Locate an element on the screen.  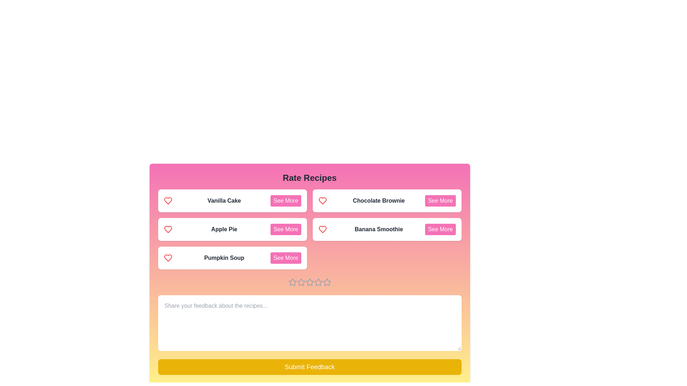
the 'See More' button for the recipe Apple Pie is located at coordinates (285, 229).